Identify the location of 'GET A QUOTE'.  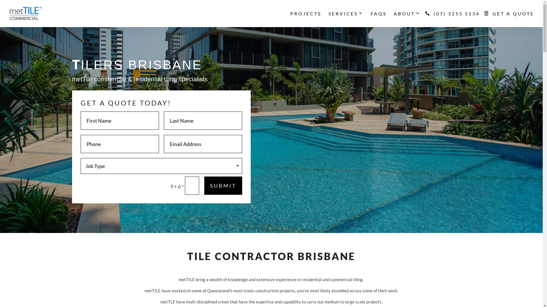
(510, 19).